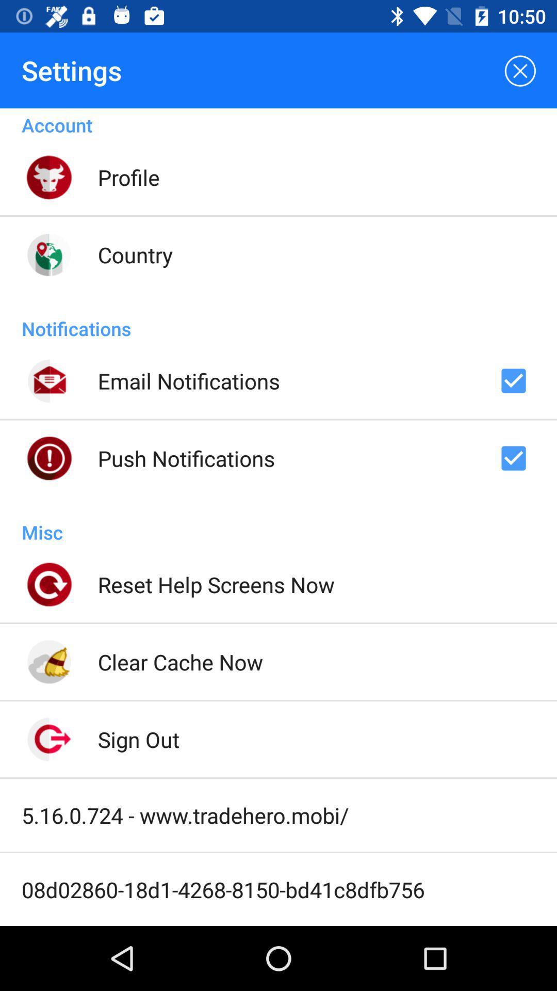 The height and width of the screenshot is (991, 557). I want to click on icon above the clear cache now, so click(216, 584).